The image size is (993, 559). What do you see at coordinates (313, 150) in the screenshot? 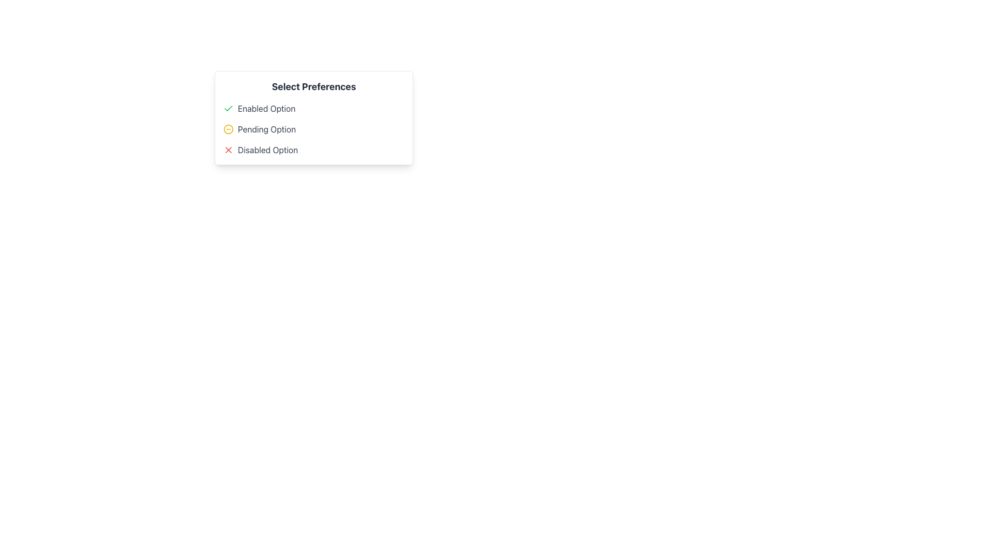
I see `the 'Disabled Option' label with a red 'X' icon, which is the last item in the list of options within the 'Select Preferences' box` at bounding box center [313, 150].